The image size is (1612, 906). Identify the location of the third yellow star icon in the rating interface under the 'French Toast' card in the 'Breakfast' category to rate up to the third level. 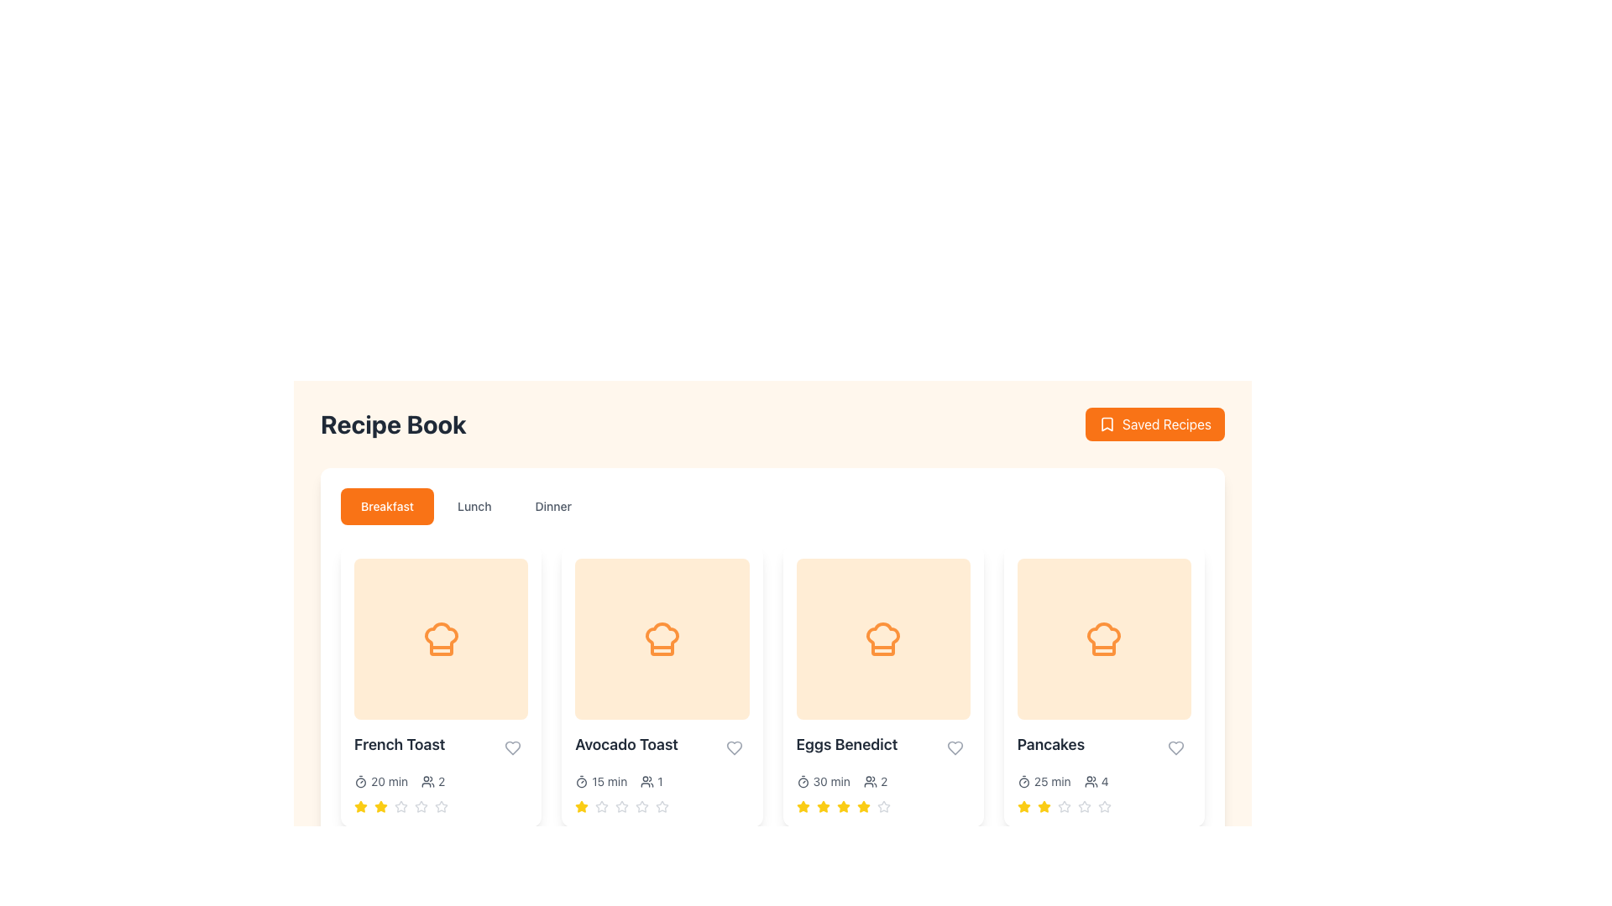
(380, 805).